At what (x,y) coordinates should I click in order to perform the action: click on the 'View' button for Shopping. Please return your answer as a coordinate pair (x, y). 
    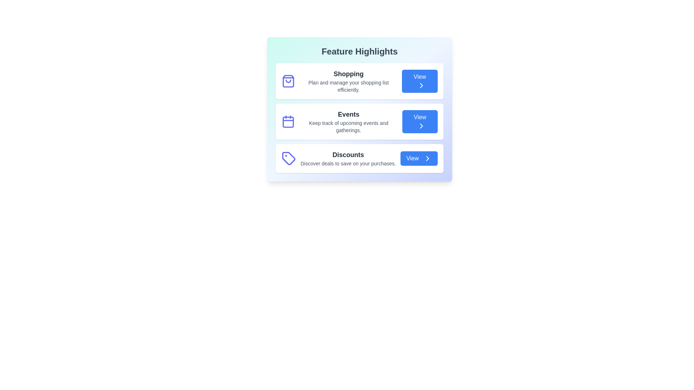
    Looking at the image, I should click on (420, 81).